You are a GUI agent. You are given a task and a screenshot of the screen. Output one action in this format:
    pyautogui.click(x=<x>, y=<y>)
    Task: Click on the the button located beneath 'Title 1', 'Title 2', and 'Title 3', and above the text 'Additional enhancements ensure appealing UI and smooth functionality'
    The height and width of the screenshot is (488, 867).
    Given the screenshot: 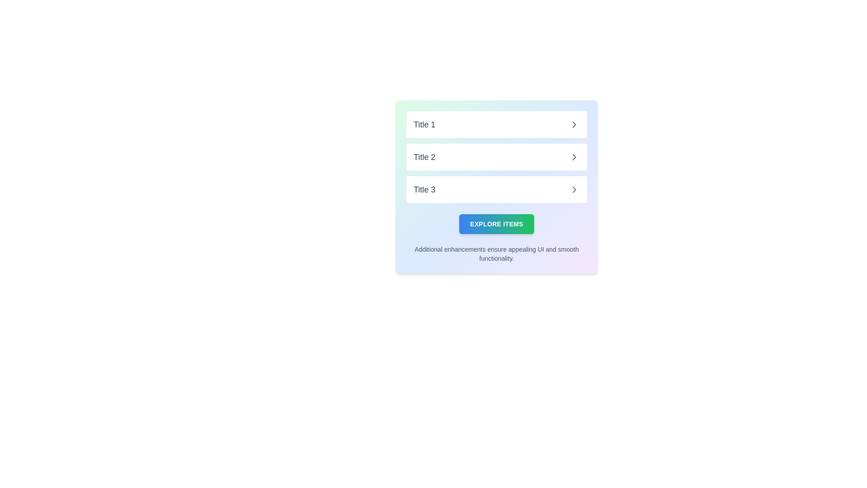 What is the action you would take?
    pyautogui.click(x=496, y=224)
    